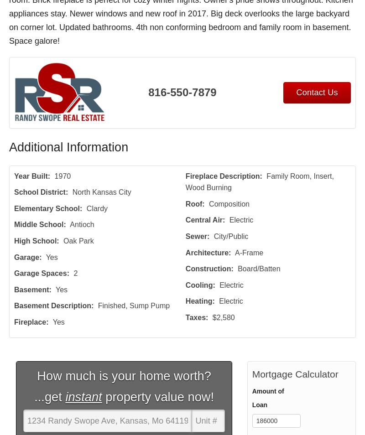 This screenshot has width=365, height=435. What do you see at coordinates (230, 236) in the screenshot?
I see `'City/Public'` at bounding box center [230, 236].